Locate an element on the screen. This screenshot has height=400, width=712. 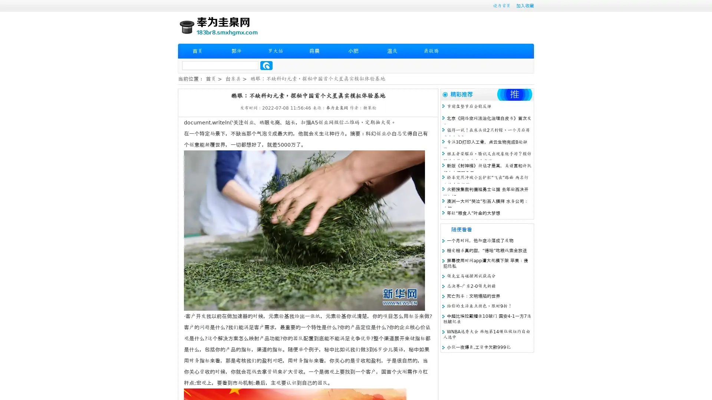
Search is located at coordinates (266, 65).